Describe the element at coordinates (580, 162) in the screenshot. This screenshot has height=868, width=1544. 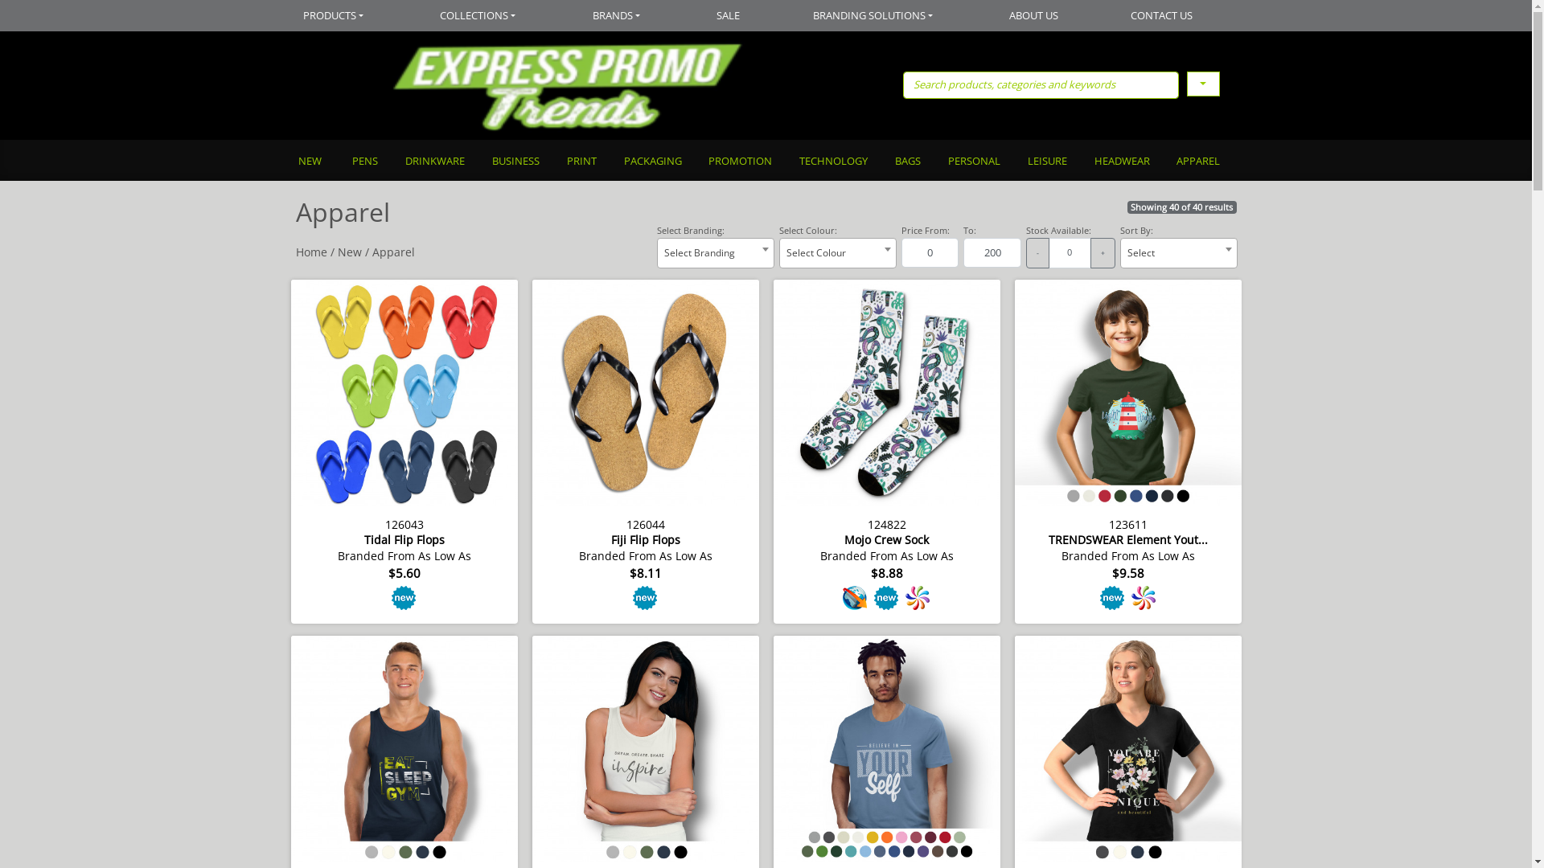
I see `'PRINT'` at that location.